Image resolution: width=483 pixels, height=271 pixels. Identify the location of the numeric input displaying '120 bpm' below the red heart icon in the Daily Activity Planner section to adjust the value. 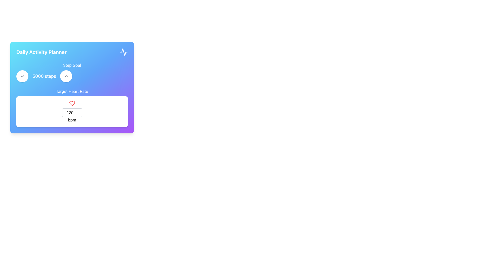
(72, 107).